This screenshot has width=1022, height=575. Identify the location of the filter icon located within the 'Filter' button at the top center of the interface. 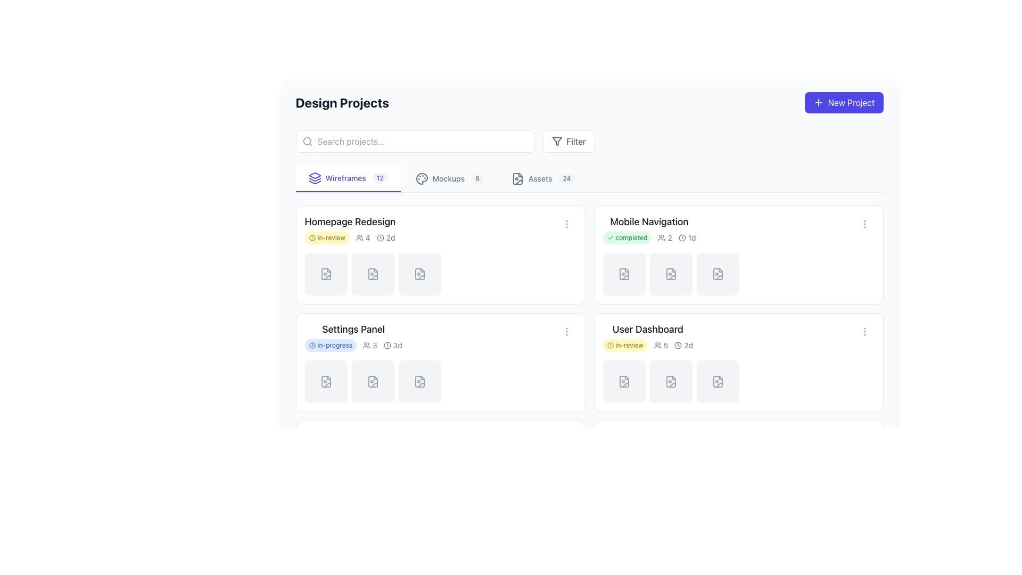
(556, 141).